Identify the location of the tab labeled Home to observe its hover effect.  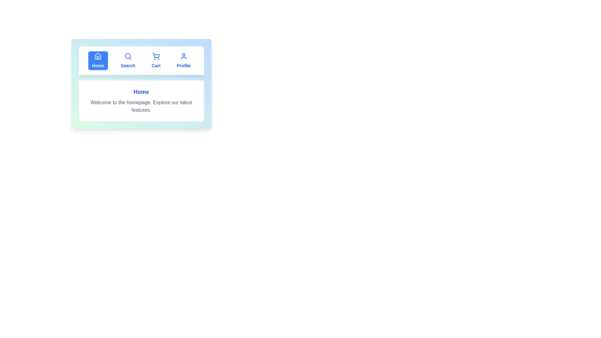
(97, 60).